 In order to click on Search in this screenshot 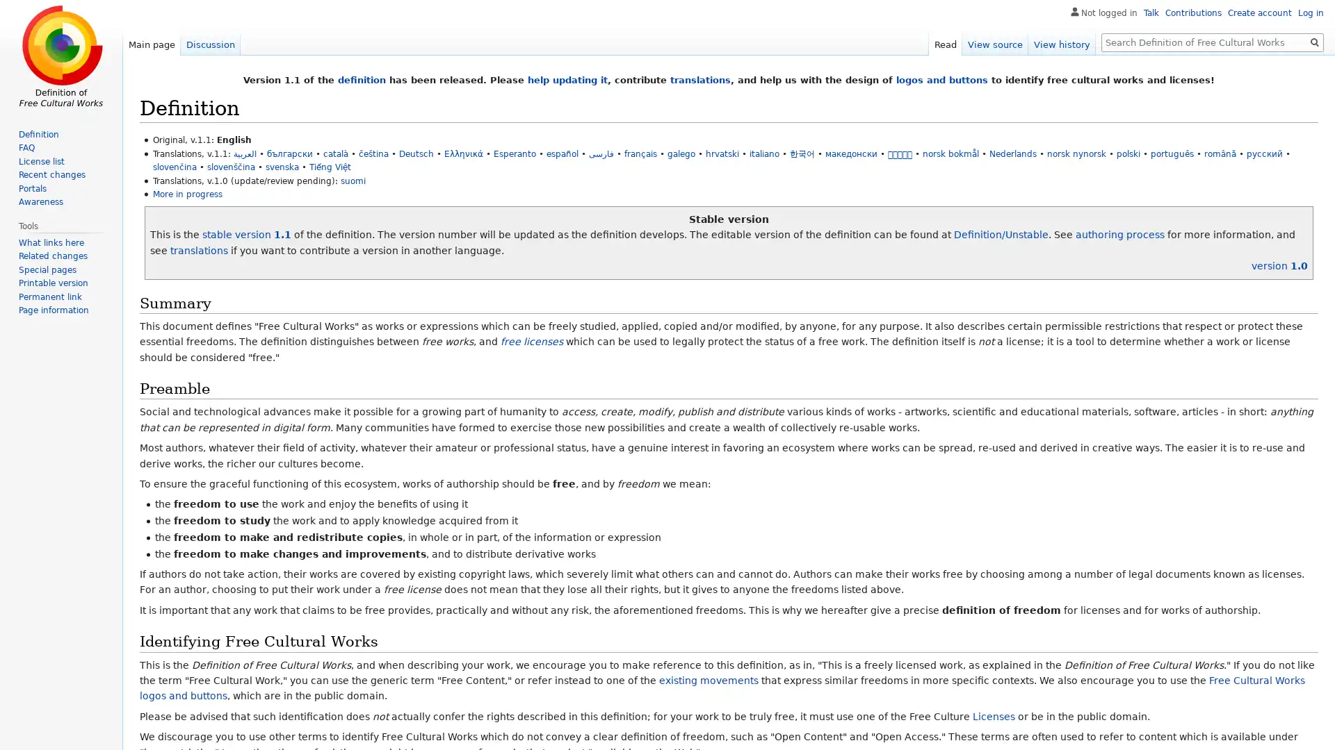, I will do `click(1314, 42)`.